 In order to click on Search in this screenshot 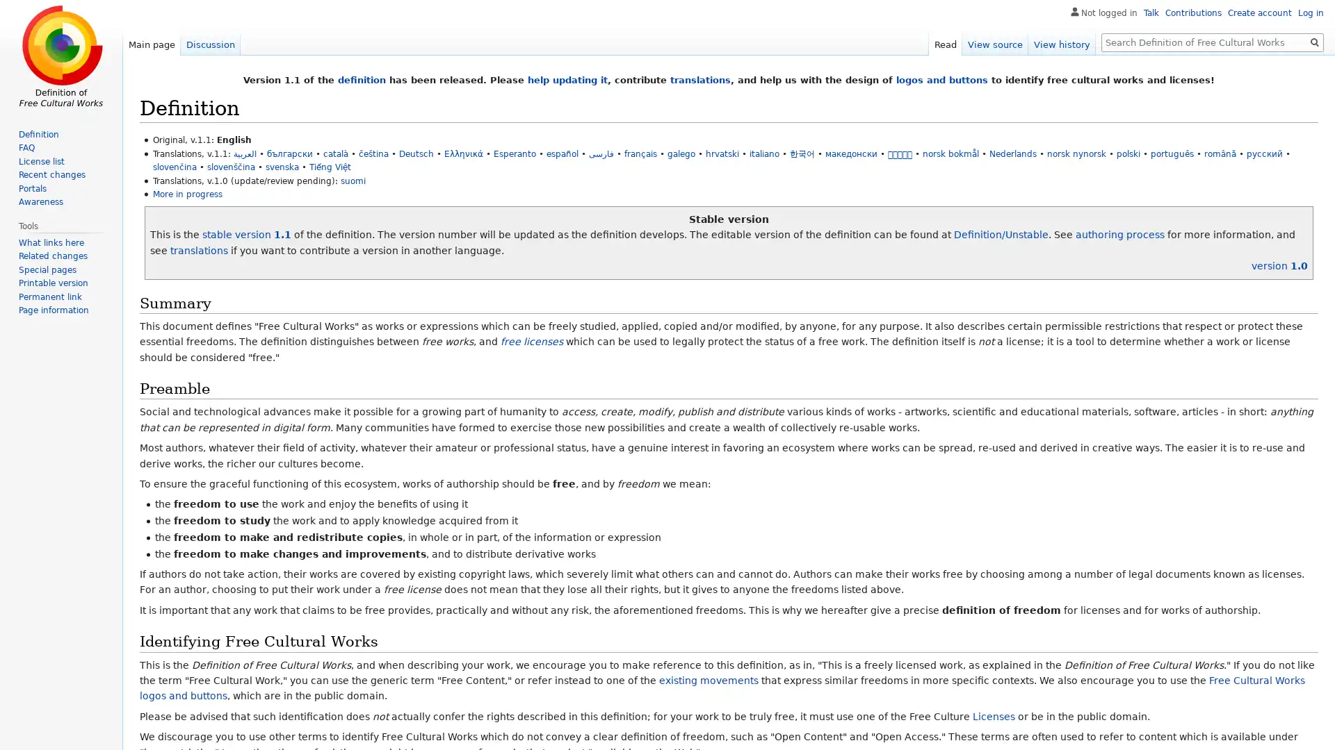, I will do `click(1314, 42)`.